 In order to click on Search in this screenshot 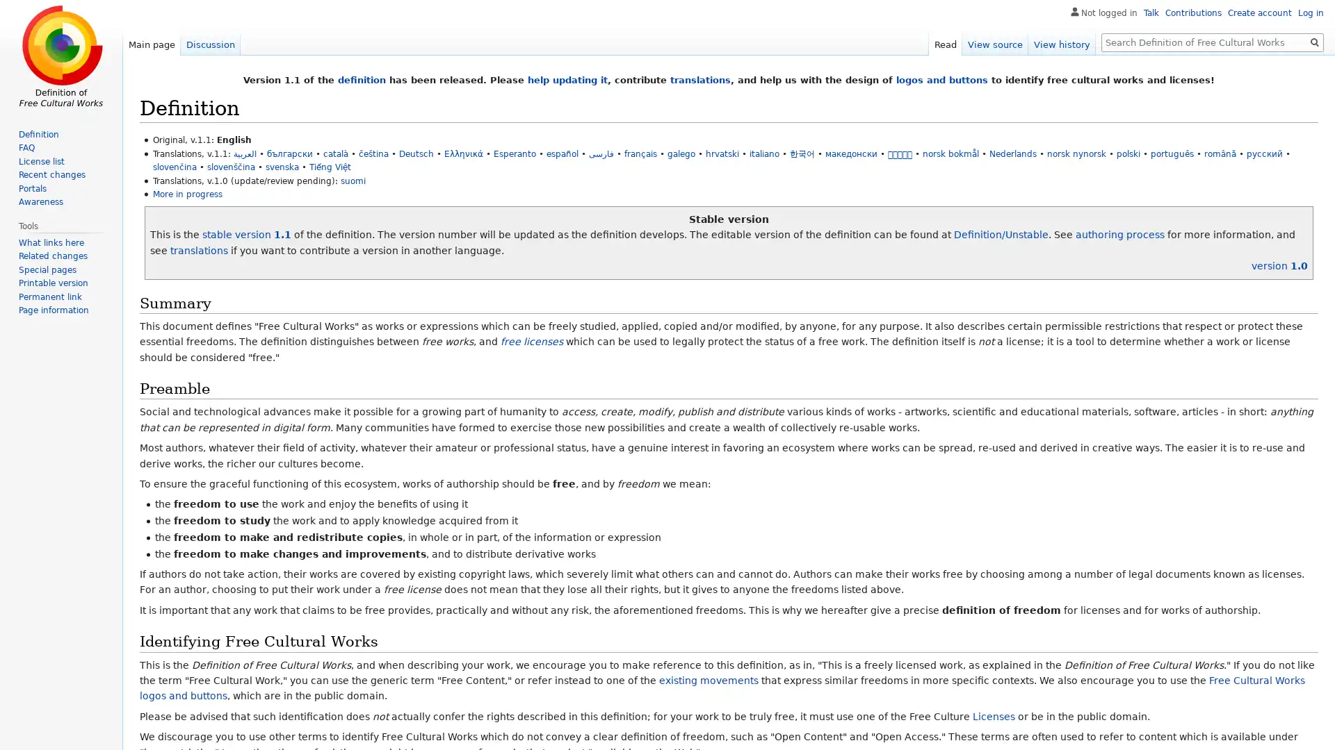, I will do `click(1314, 42)`.